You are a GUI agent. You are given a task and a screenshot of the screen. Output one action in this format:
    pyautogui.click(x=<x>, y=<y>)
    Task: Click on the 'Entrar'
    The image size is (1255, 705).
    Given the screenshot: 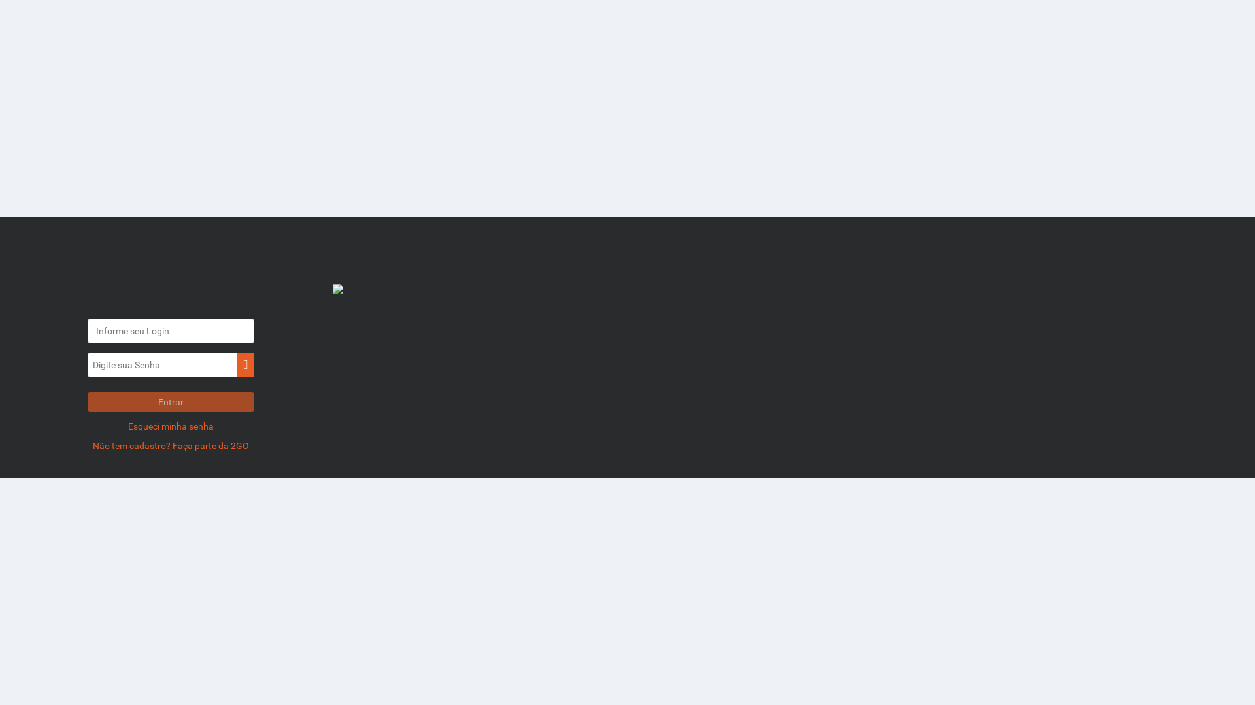 What is the action you would take?
    pyautogui.click(x=170, y=401)
    